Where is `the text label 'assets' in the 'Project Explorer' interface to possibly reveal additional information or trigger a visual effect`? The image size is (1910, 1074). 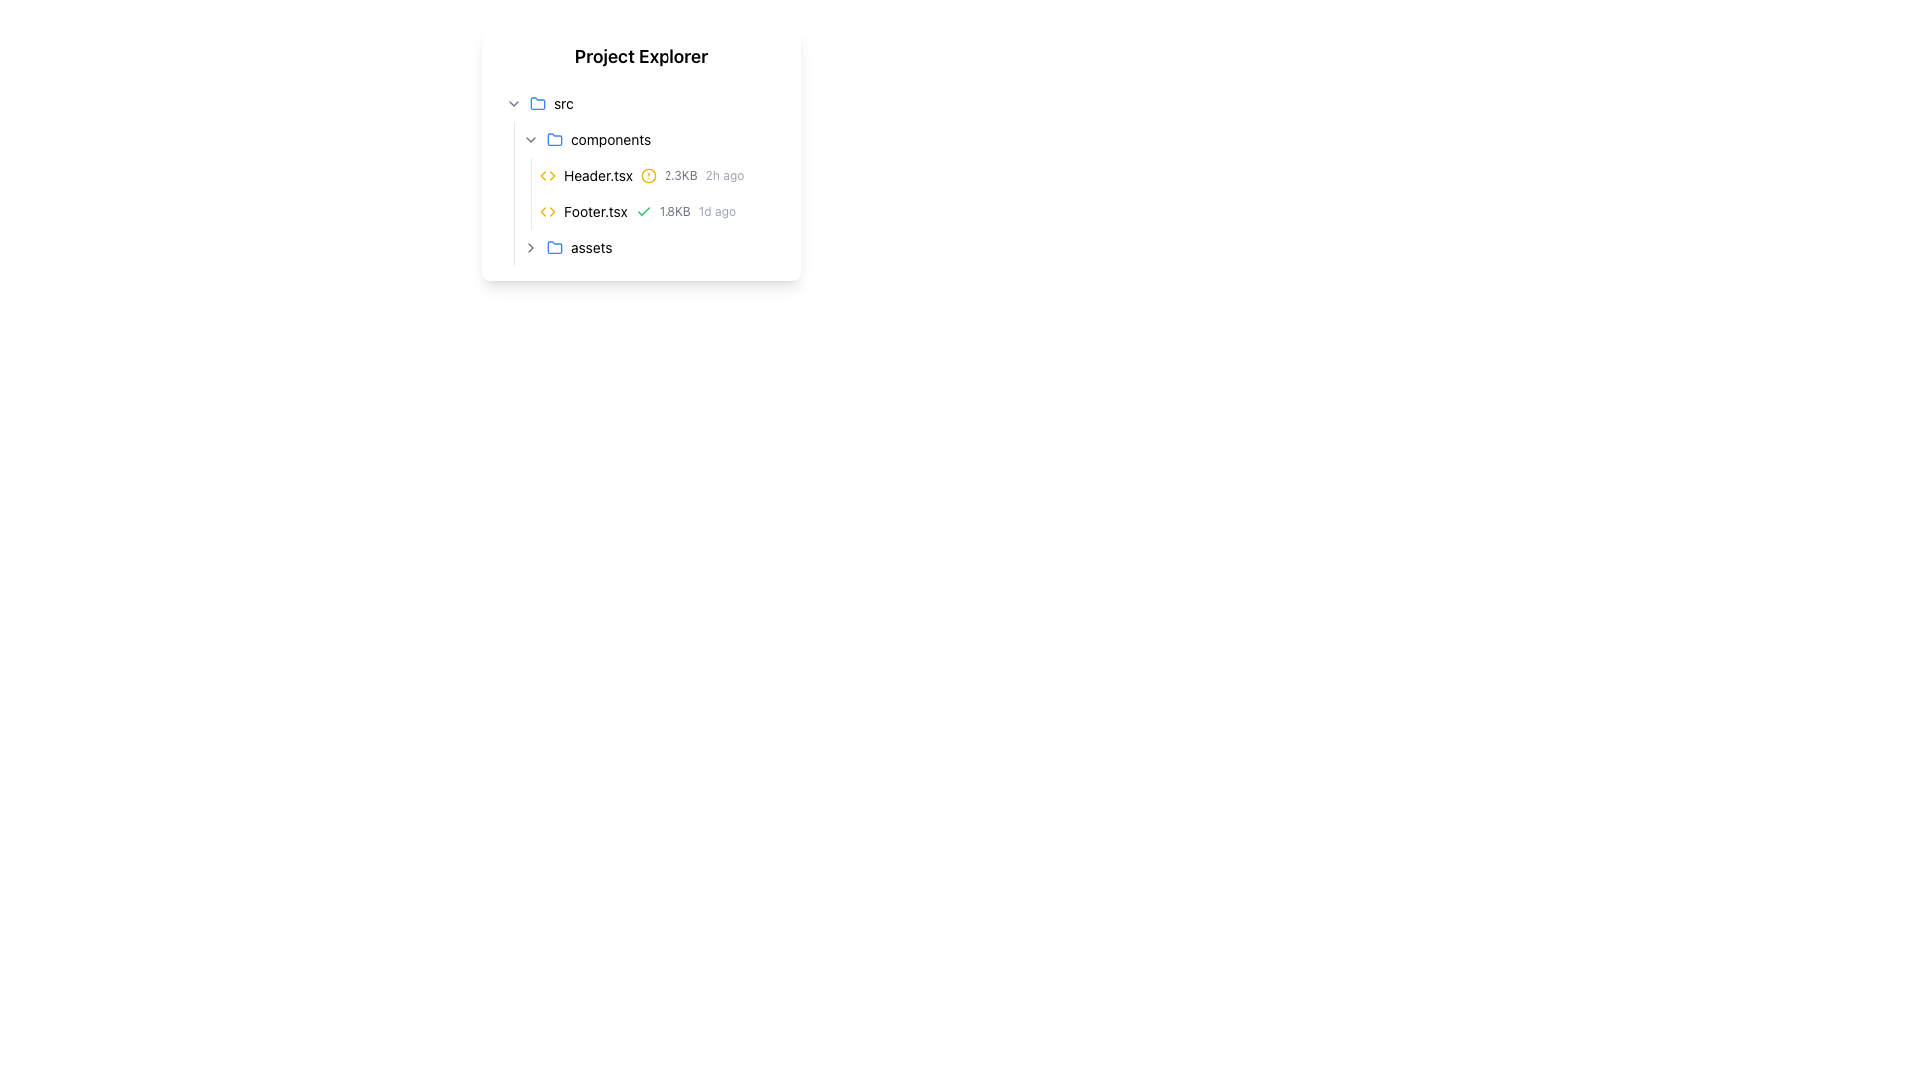 the text label 'assets' in the 'Project Explorer' interface to possibly reveal additional information or trigger a visual effect is located at coordinates (590, 247).